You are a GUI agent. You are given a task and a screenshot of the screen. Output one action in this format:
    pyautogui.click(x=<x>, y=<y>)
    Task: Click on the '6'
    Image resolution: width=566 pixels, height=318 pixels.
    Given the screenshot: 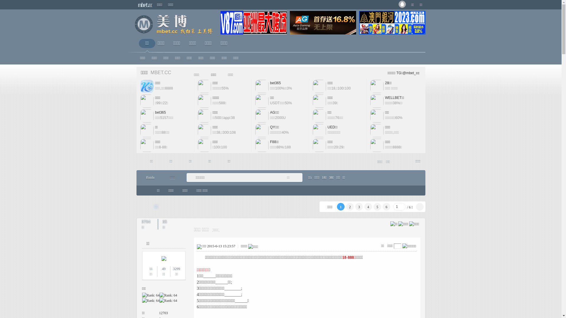 What is the action you would take?
    pyautogui.click(x=386, y=206)
    